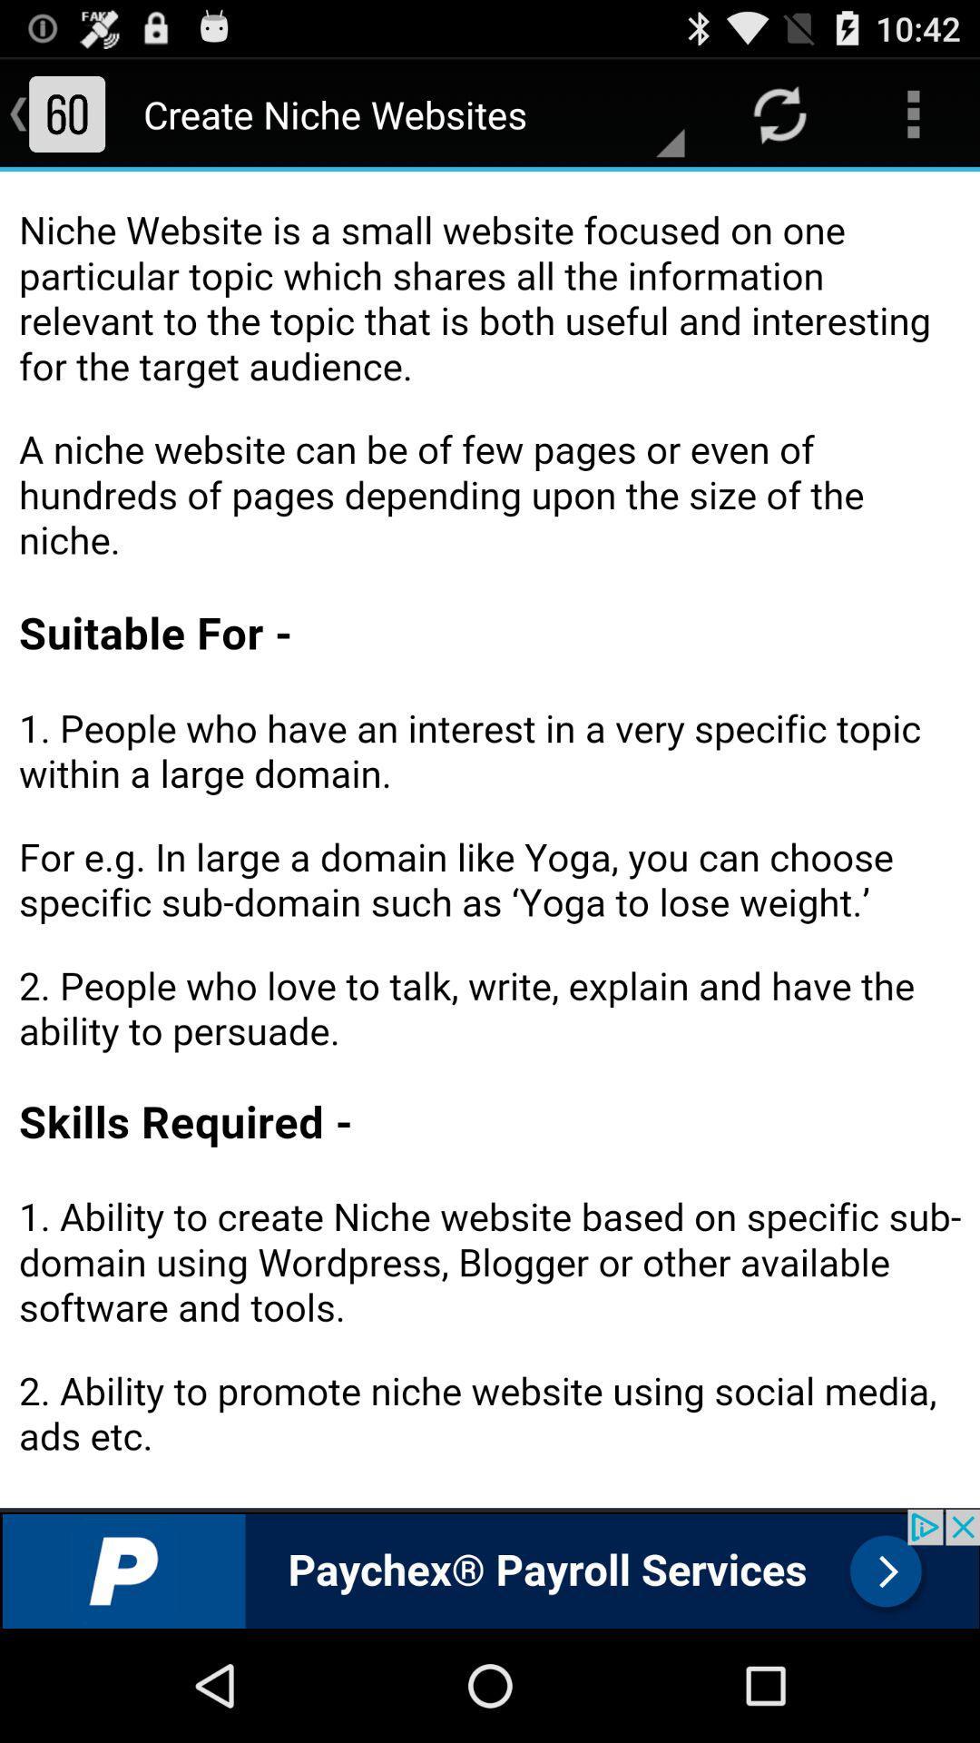  What do you see at coordinates (490, 1568) in the screenshot?
I see `advertisement` at bounding box center [490, 1568].